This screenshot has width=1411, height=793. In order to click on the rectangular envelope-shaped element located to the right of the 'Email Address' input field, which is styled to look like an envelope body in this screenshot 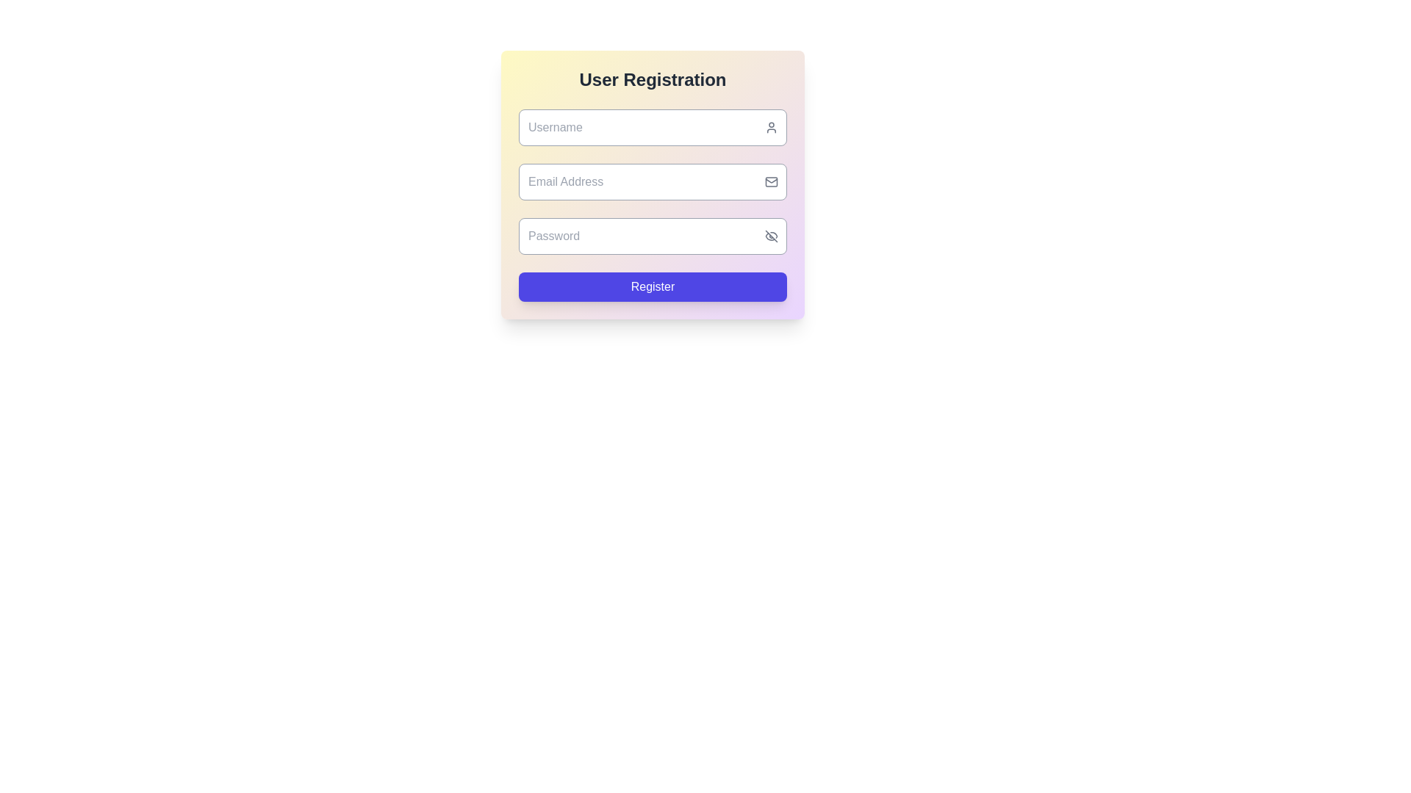, I will do `click(771, 181)`.